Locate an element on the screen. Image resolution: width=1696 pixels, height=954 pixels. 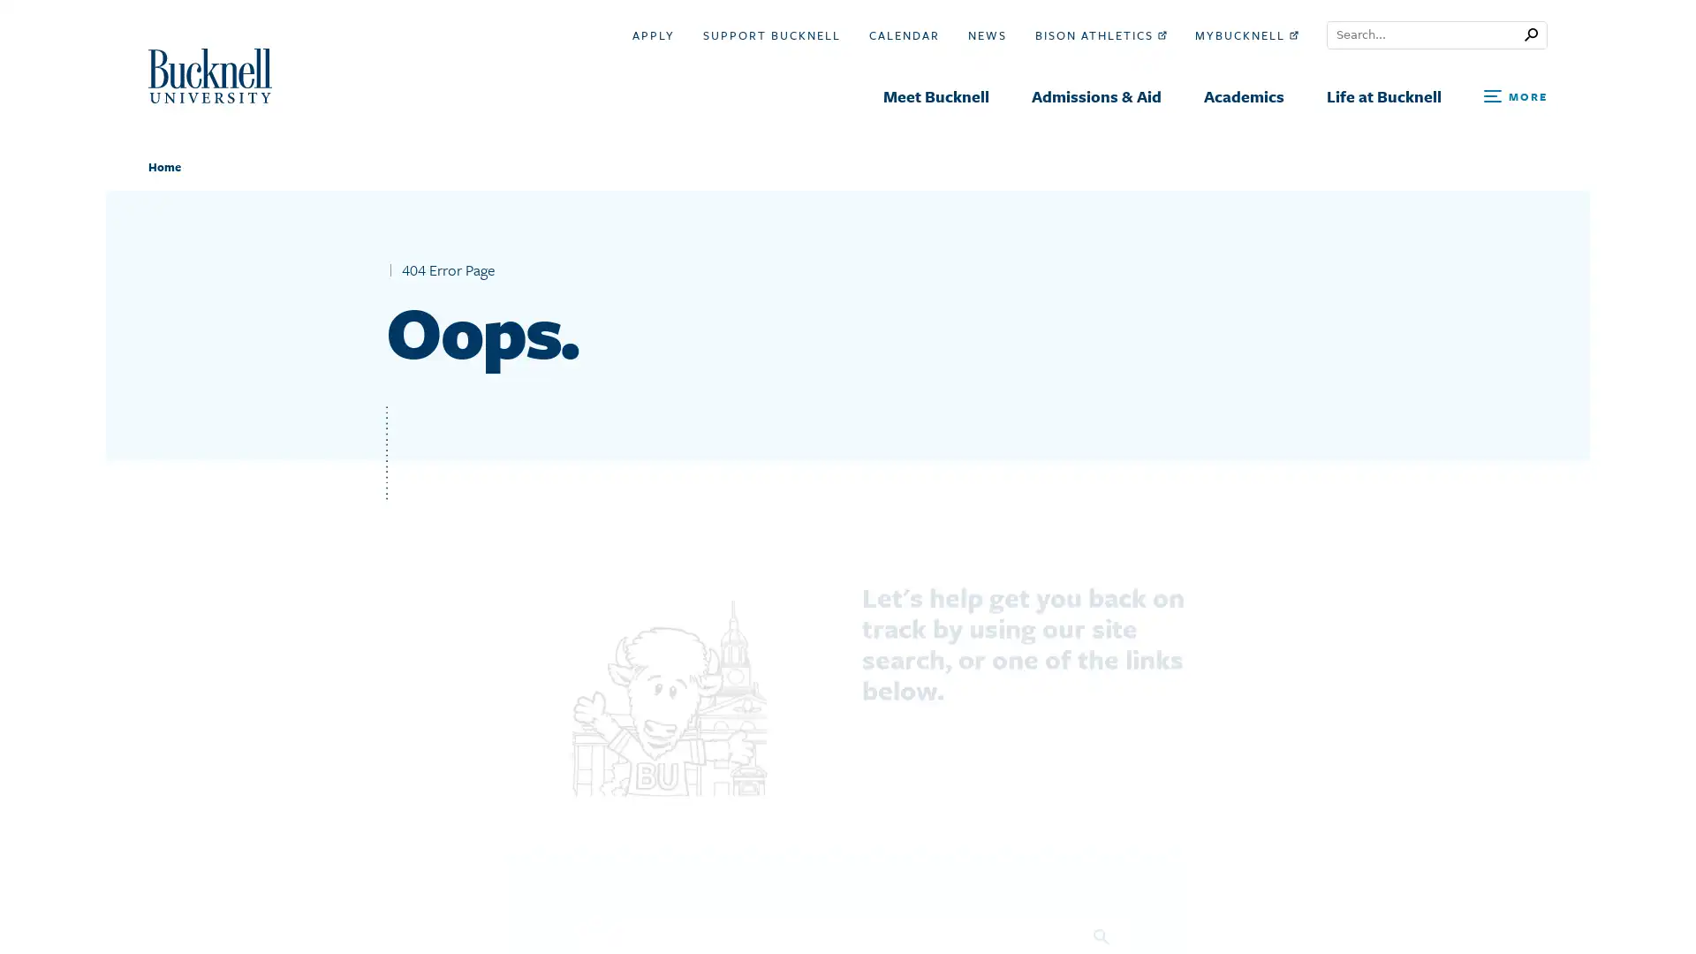
Open Search and Additional Links is located at coordinates (1515, 96).